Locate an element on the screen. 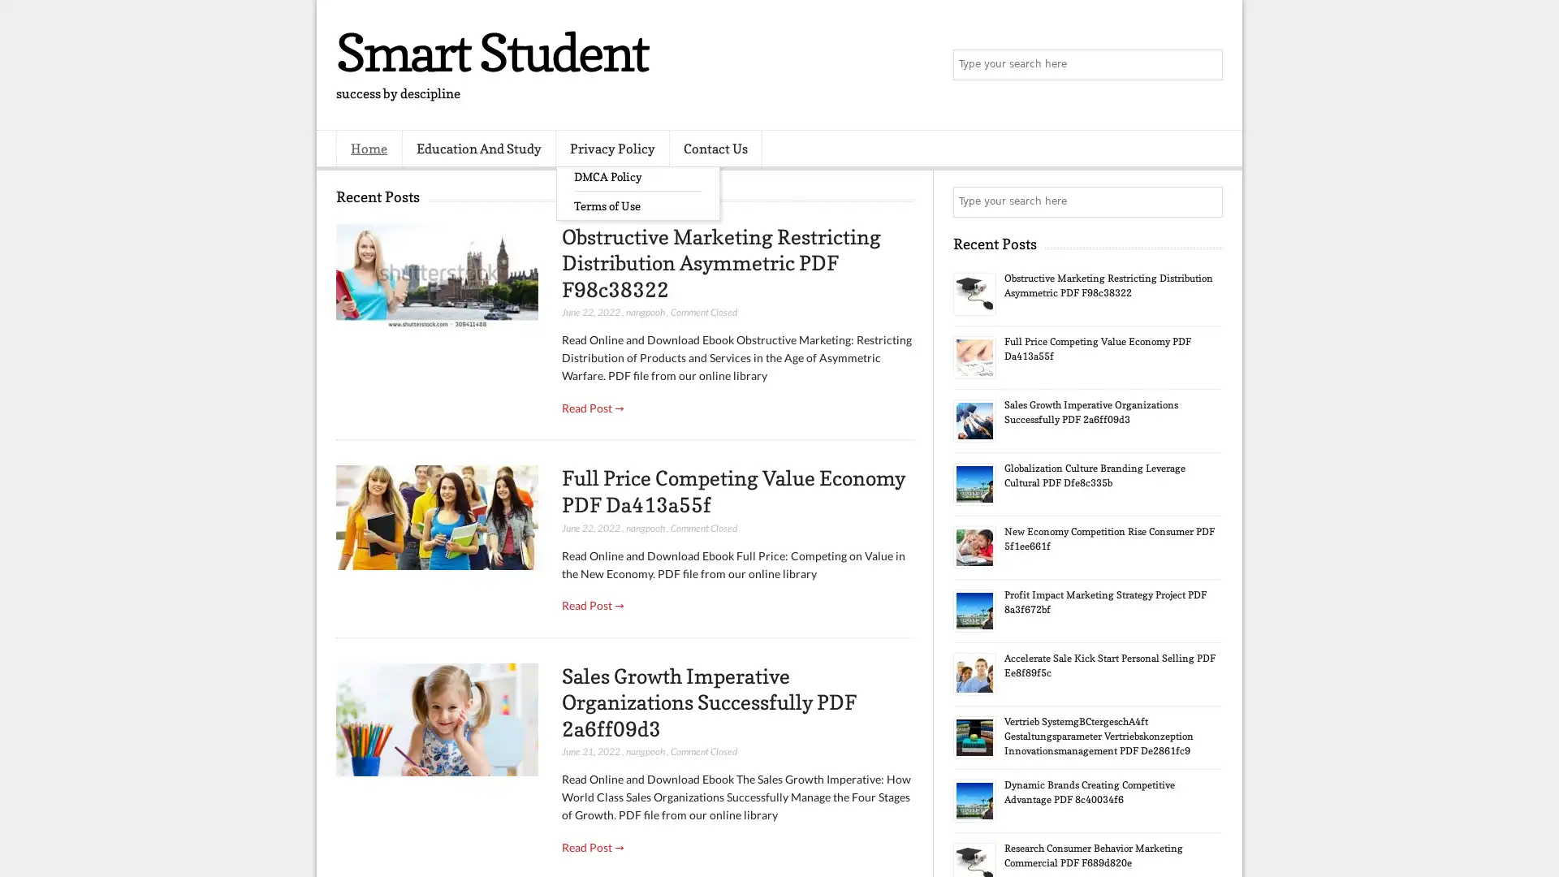 The width and height of the screenshot is (1559, 877). Search is located at coordinates (1206, 201).